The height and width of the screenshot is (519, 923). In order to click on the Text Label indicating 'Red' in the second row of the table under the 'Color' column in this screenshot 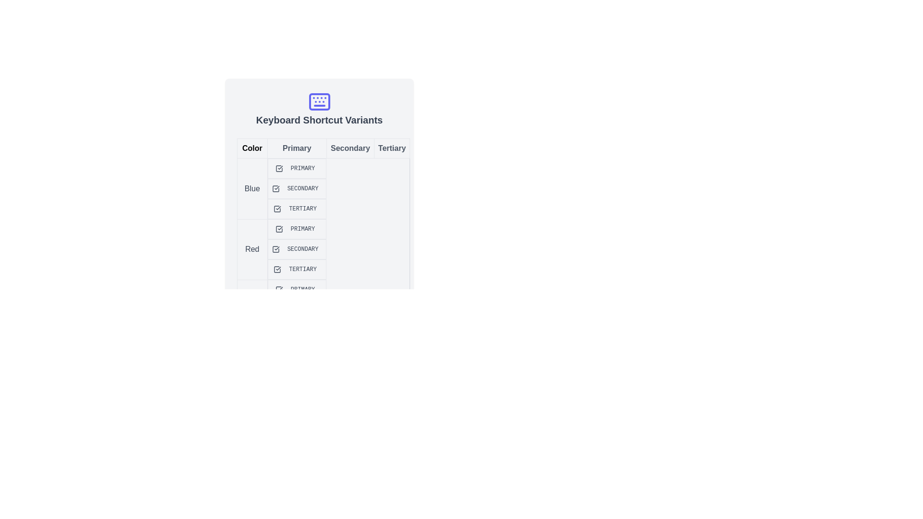, I will do `click(252, 248)`.